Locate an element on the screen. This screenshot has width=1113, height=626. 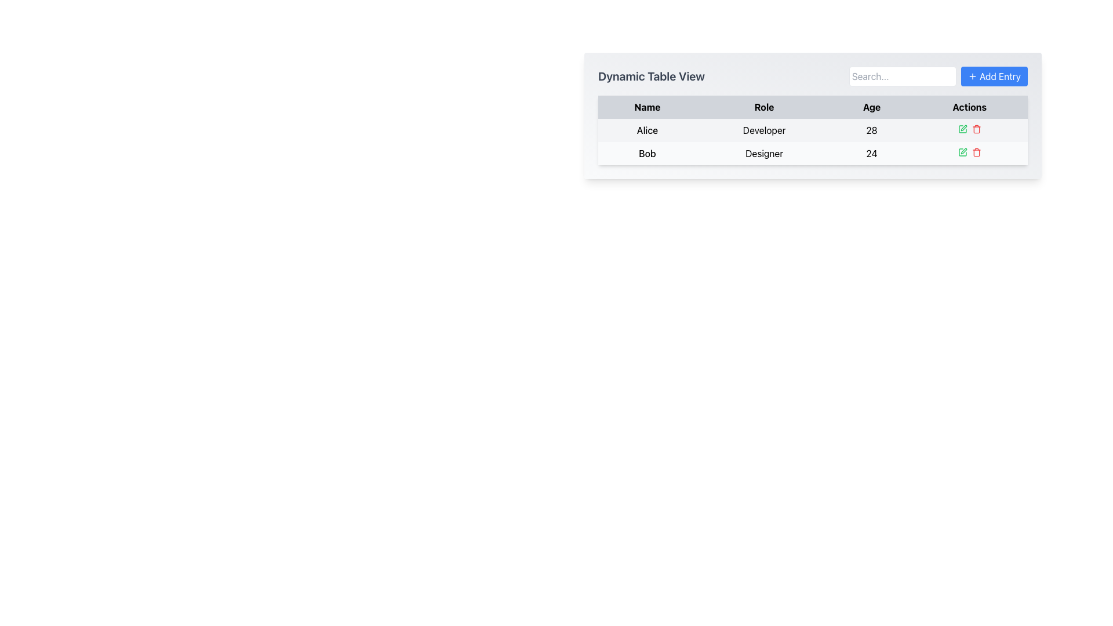
the green pencil edit icon located in the second row of the table's 'Actions' column is located at coordinates (962, 151).